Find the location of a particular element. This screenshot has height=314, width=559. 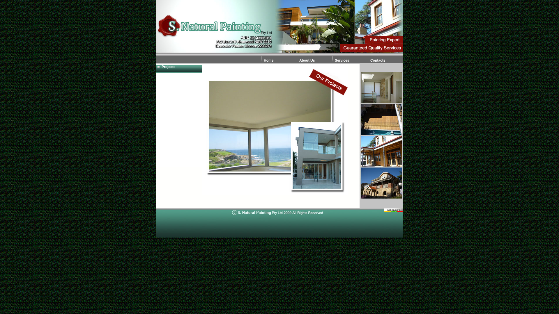

'About Us' is located at coordinates (307, 60).